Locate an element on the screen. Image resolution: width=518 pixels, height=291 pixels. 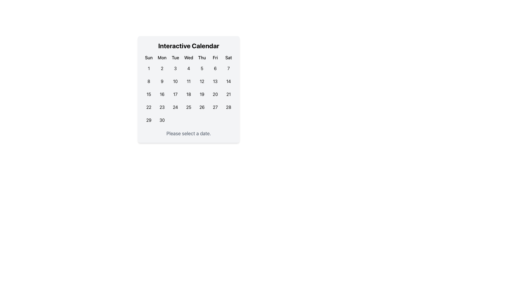
the button representing the 18th day of the month in the calendar interface located under the 'Wed' column, on the third row of the day grid is located at coordinates (189, 94).